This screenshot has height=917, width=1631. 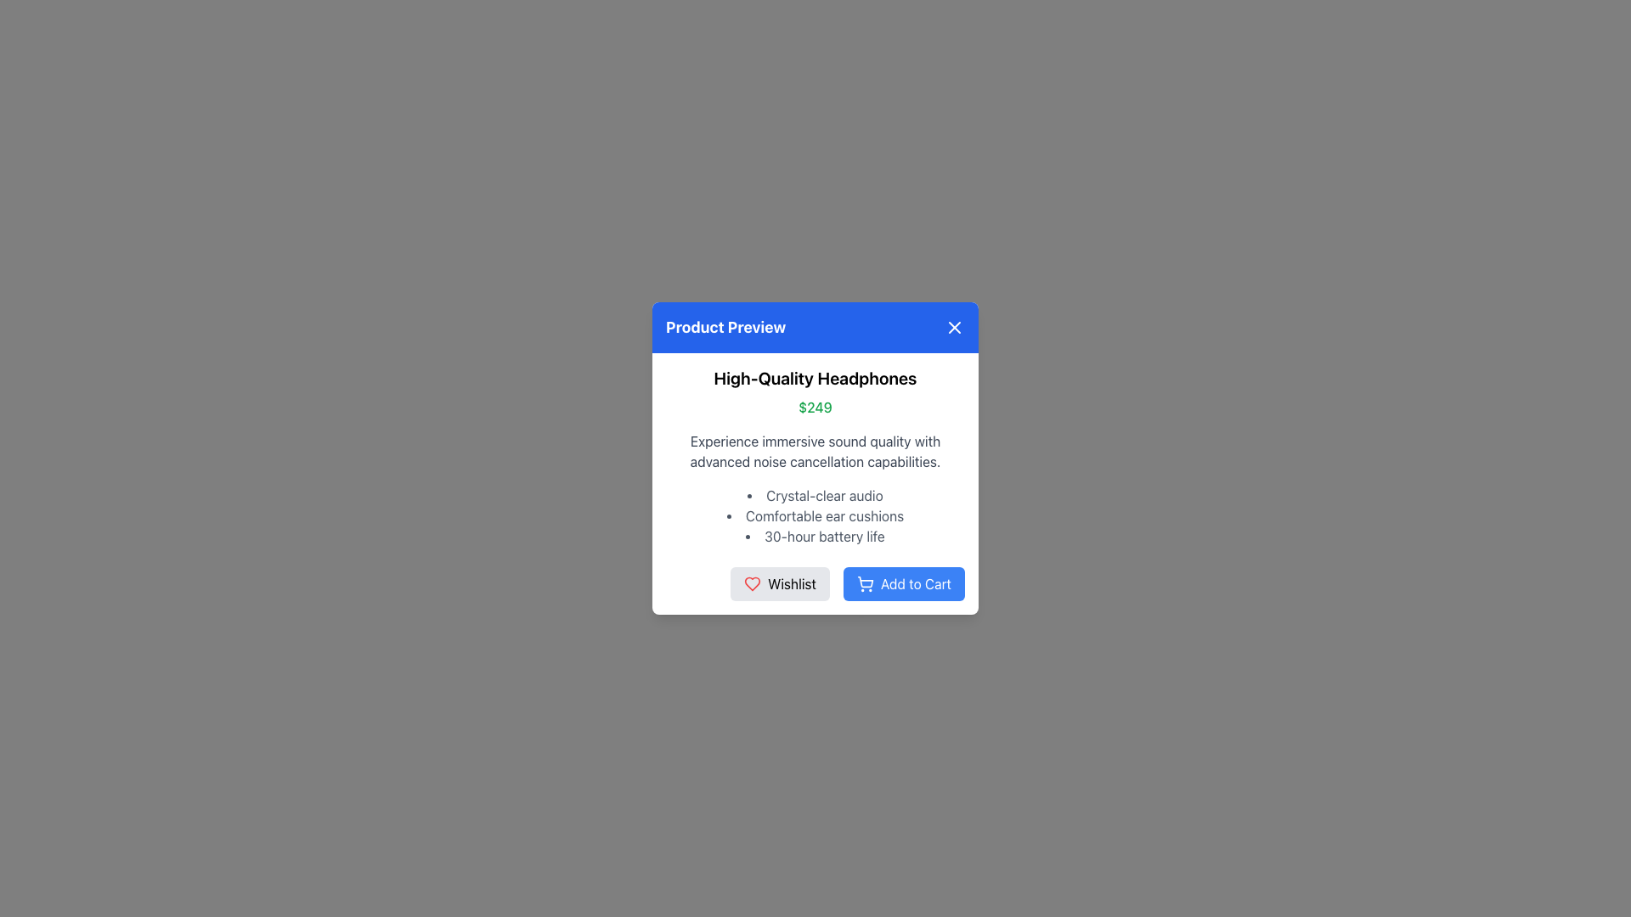 I want to click on the 'Add to Cart' button, so click(x=903, y=582).